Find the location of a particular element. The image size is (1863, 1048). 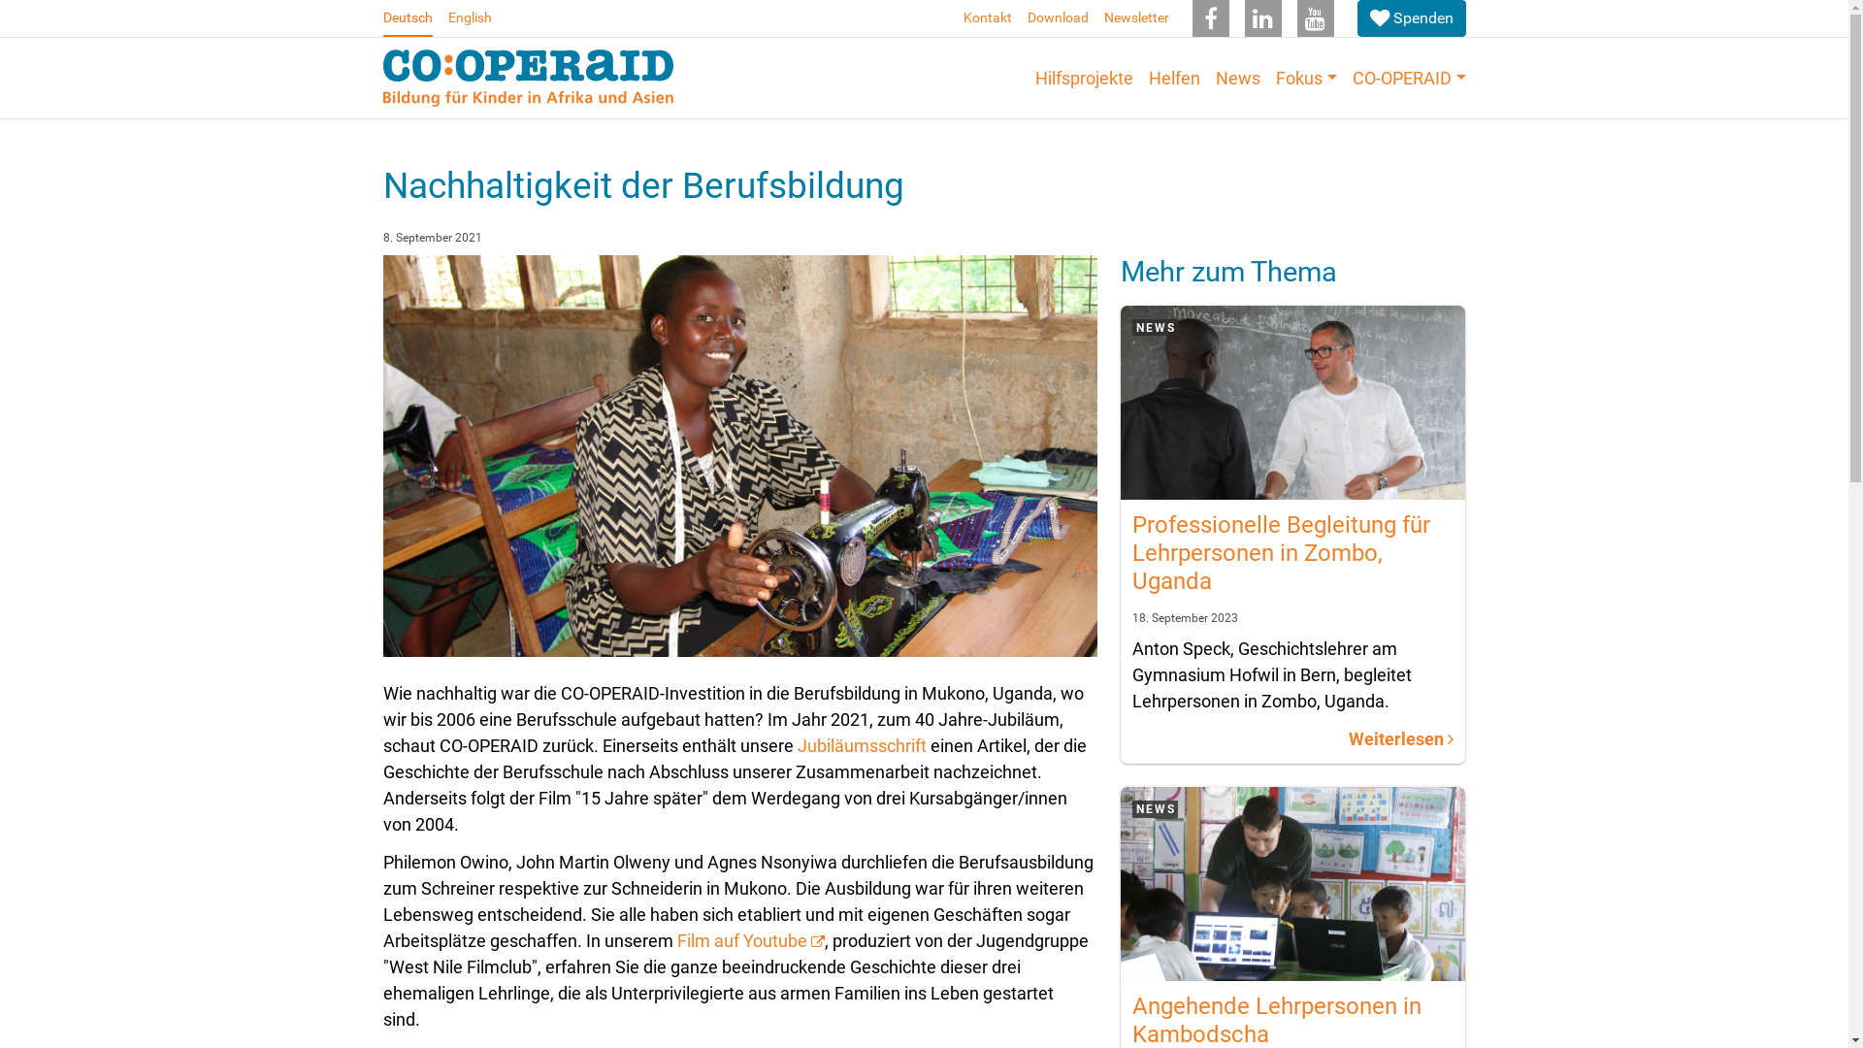

'CO-OPERAID' is located at coordinates (1409, 77).